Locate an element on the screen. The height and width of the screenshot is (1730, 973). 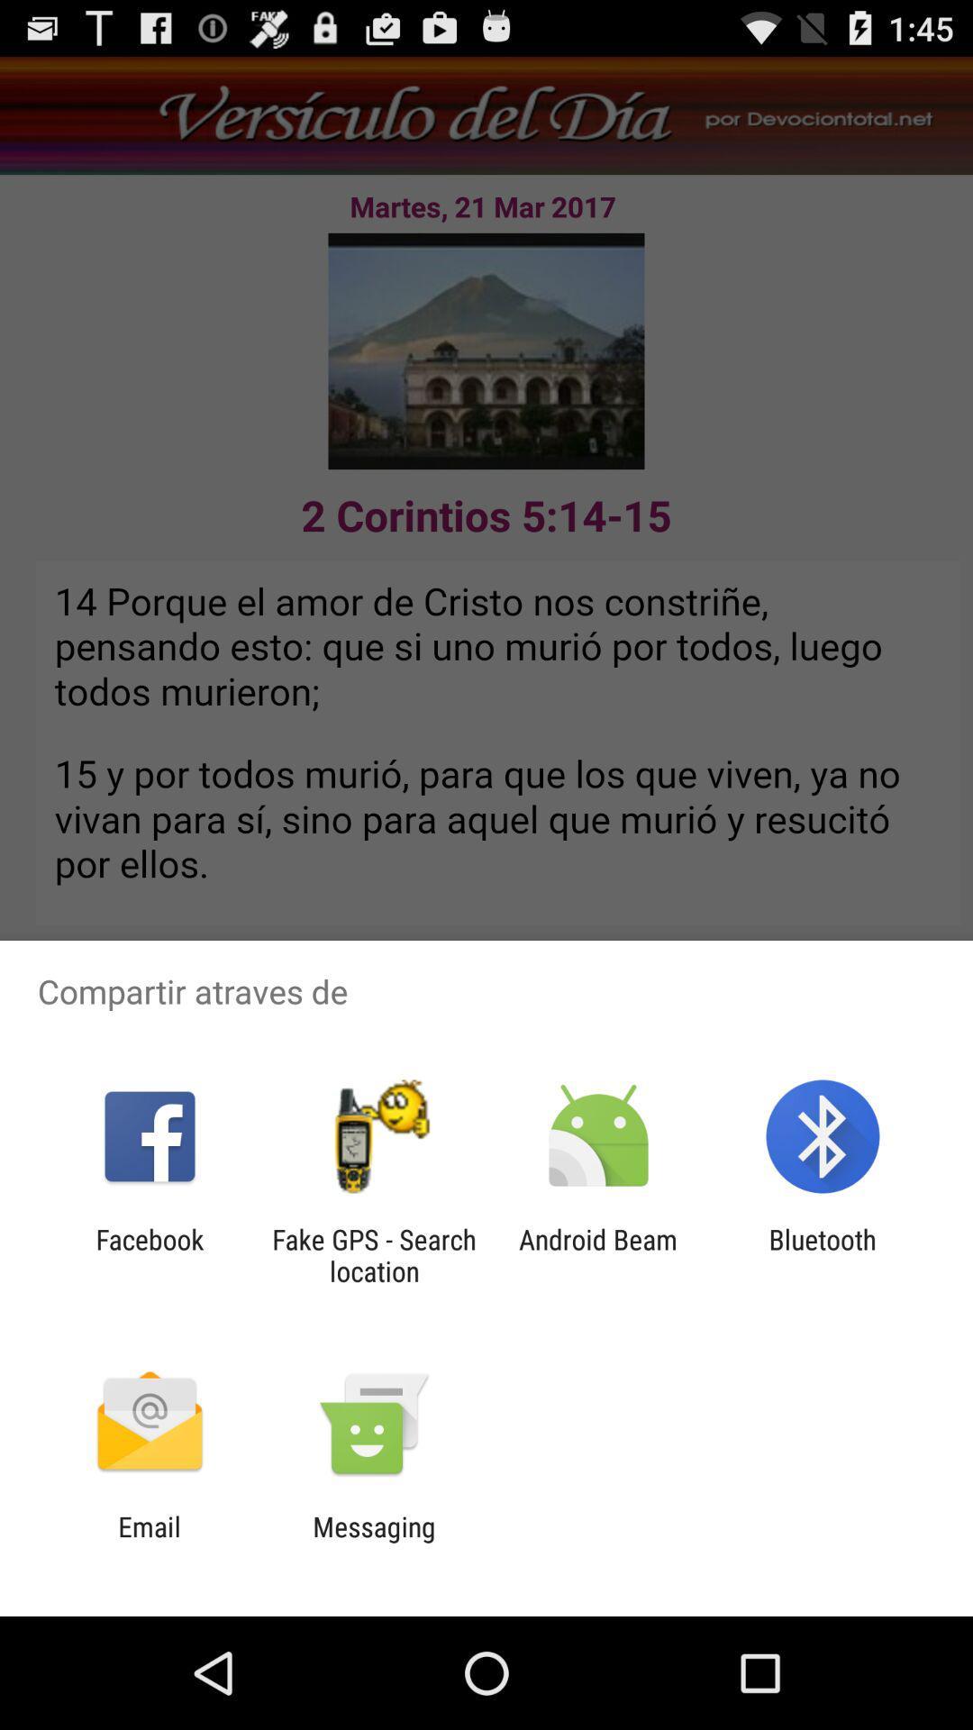
the email item is located at coordinates (149, 1542).